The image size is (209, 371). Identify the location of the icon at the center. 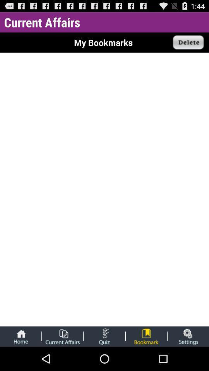
(104, 190).